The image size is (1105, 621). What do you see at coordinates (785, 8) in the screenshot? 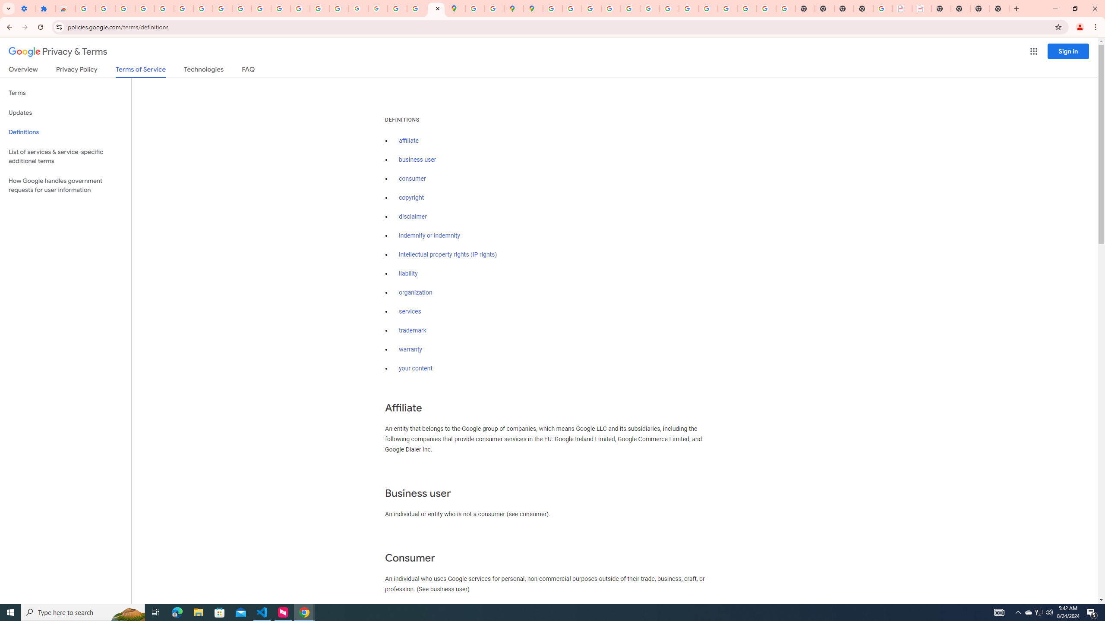
I see `'Google Images'` at bounding box center [785, 8].